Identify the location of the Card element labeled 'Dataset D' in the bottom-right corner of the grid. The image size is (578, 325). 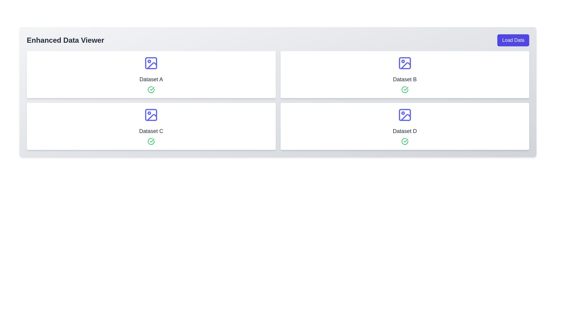
(405, 126).